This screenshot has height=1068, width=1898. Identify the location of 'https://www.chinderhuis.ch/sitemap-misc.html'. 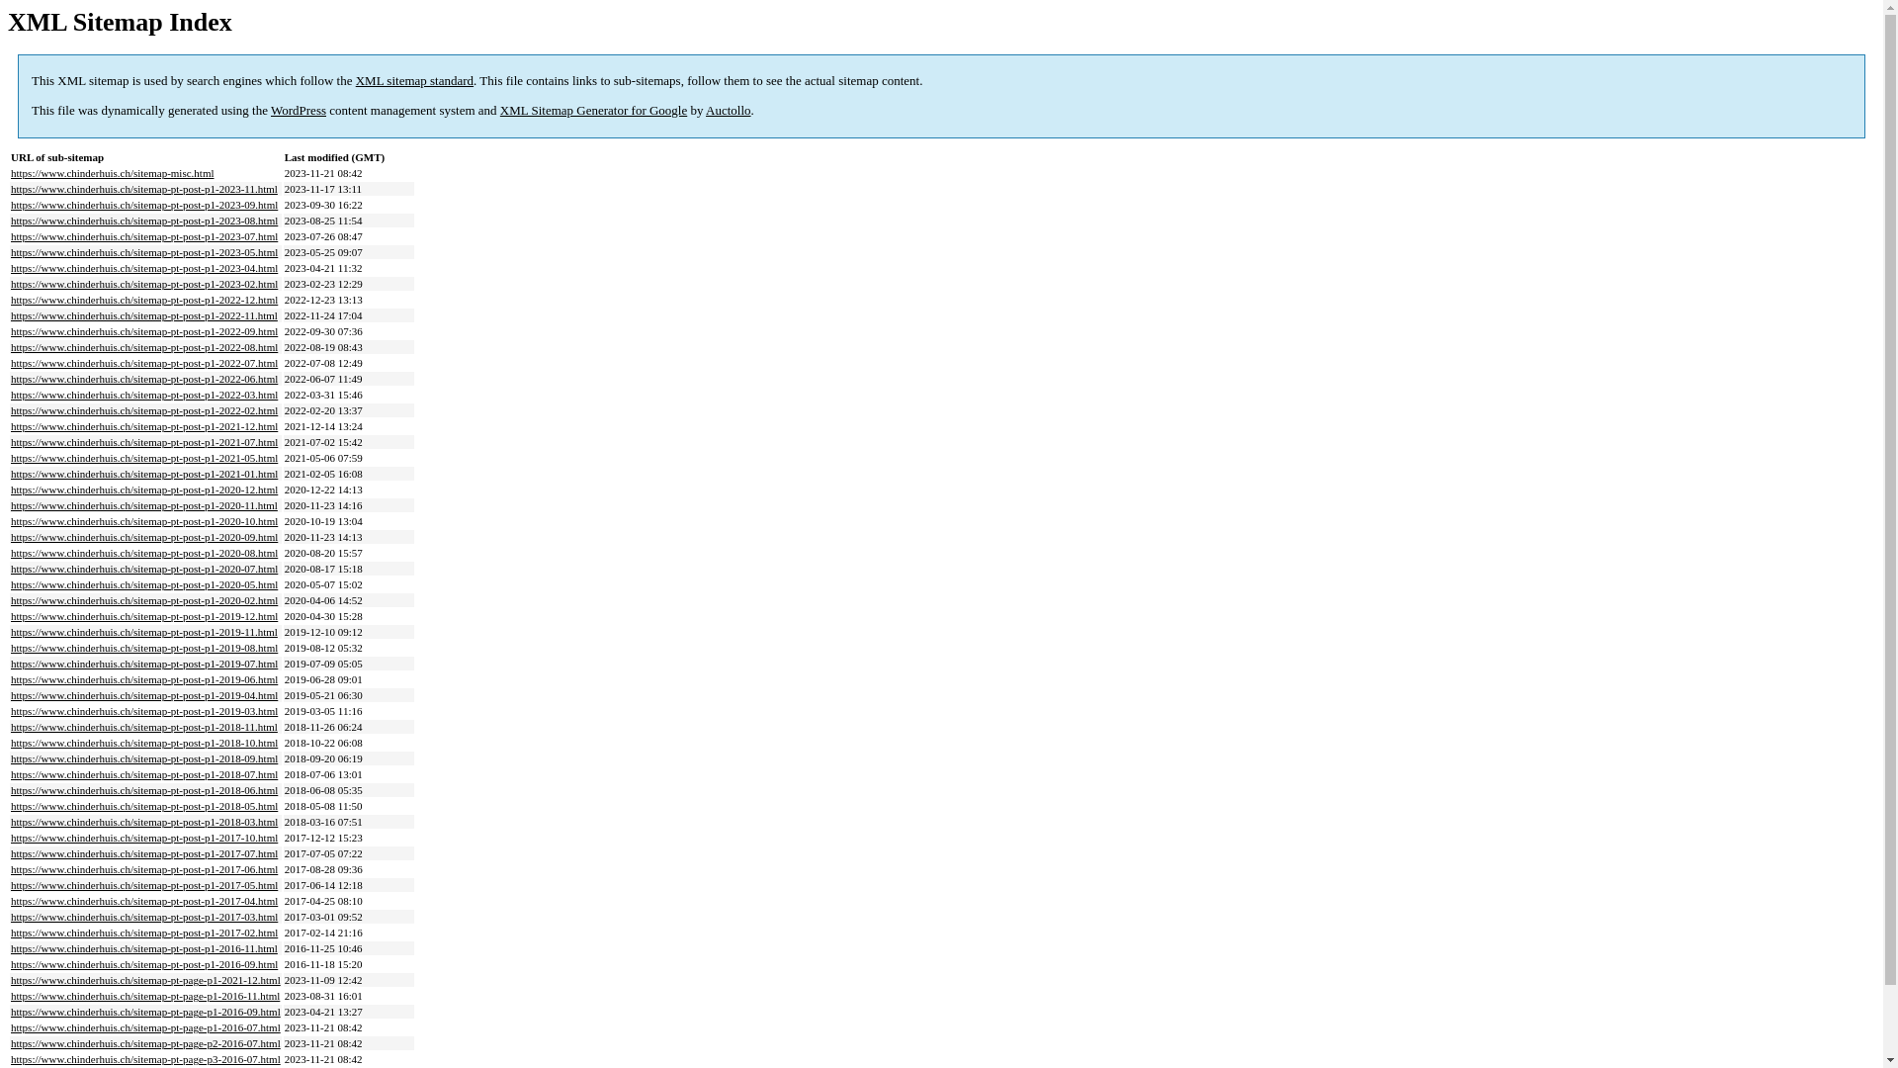
(10, 171).